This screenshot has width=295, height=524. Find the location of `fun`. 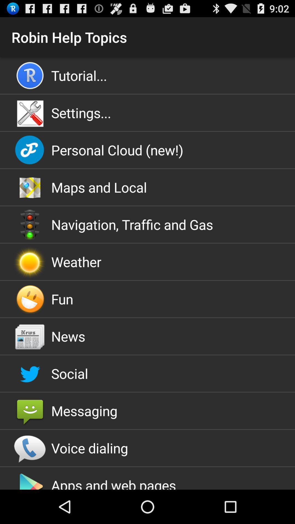

fun is located at coordinates (147, 299).